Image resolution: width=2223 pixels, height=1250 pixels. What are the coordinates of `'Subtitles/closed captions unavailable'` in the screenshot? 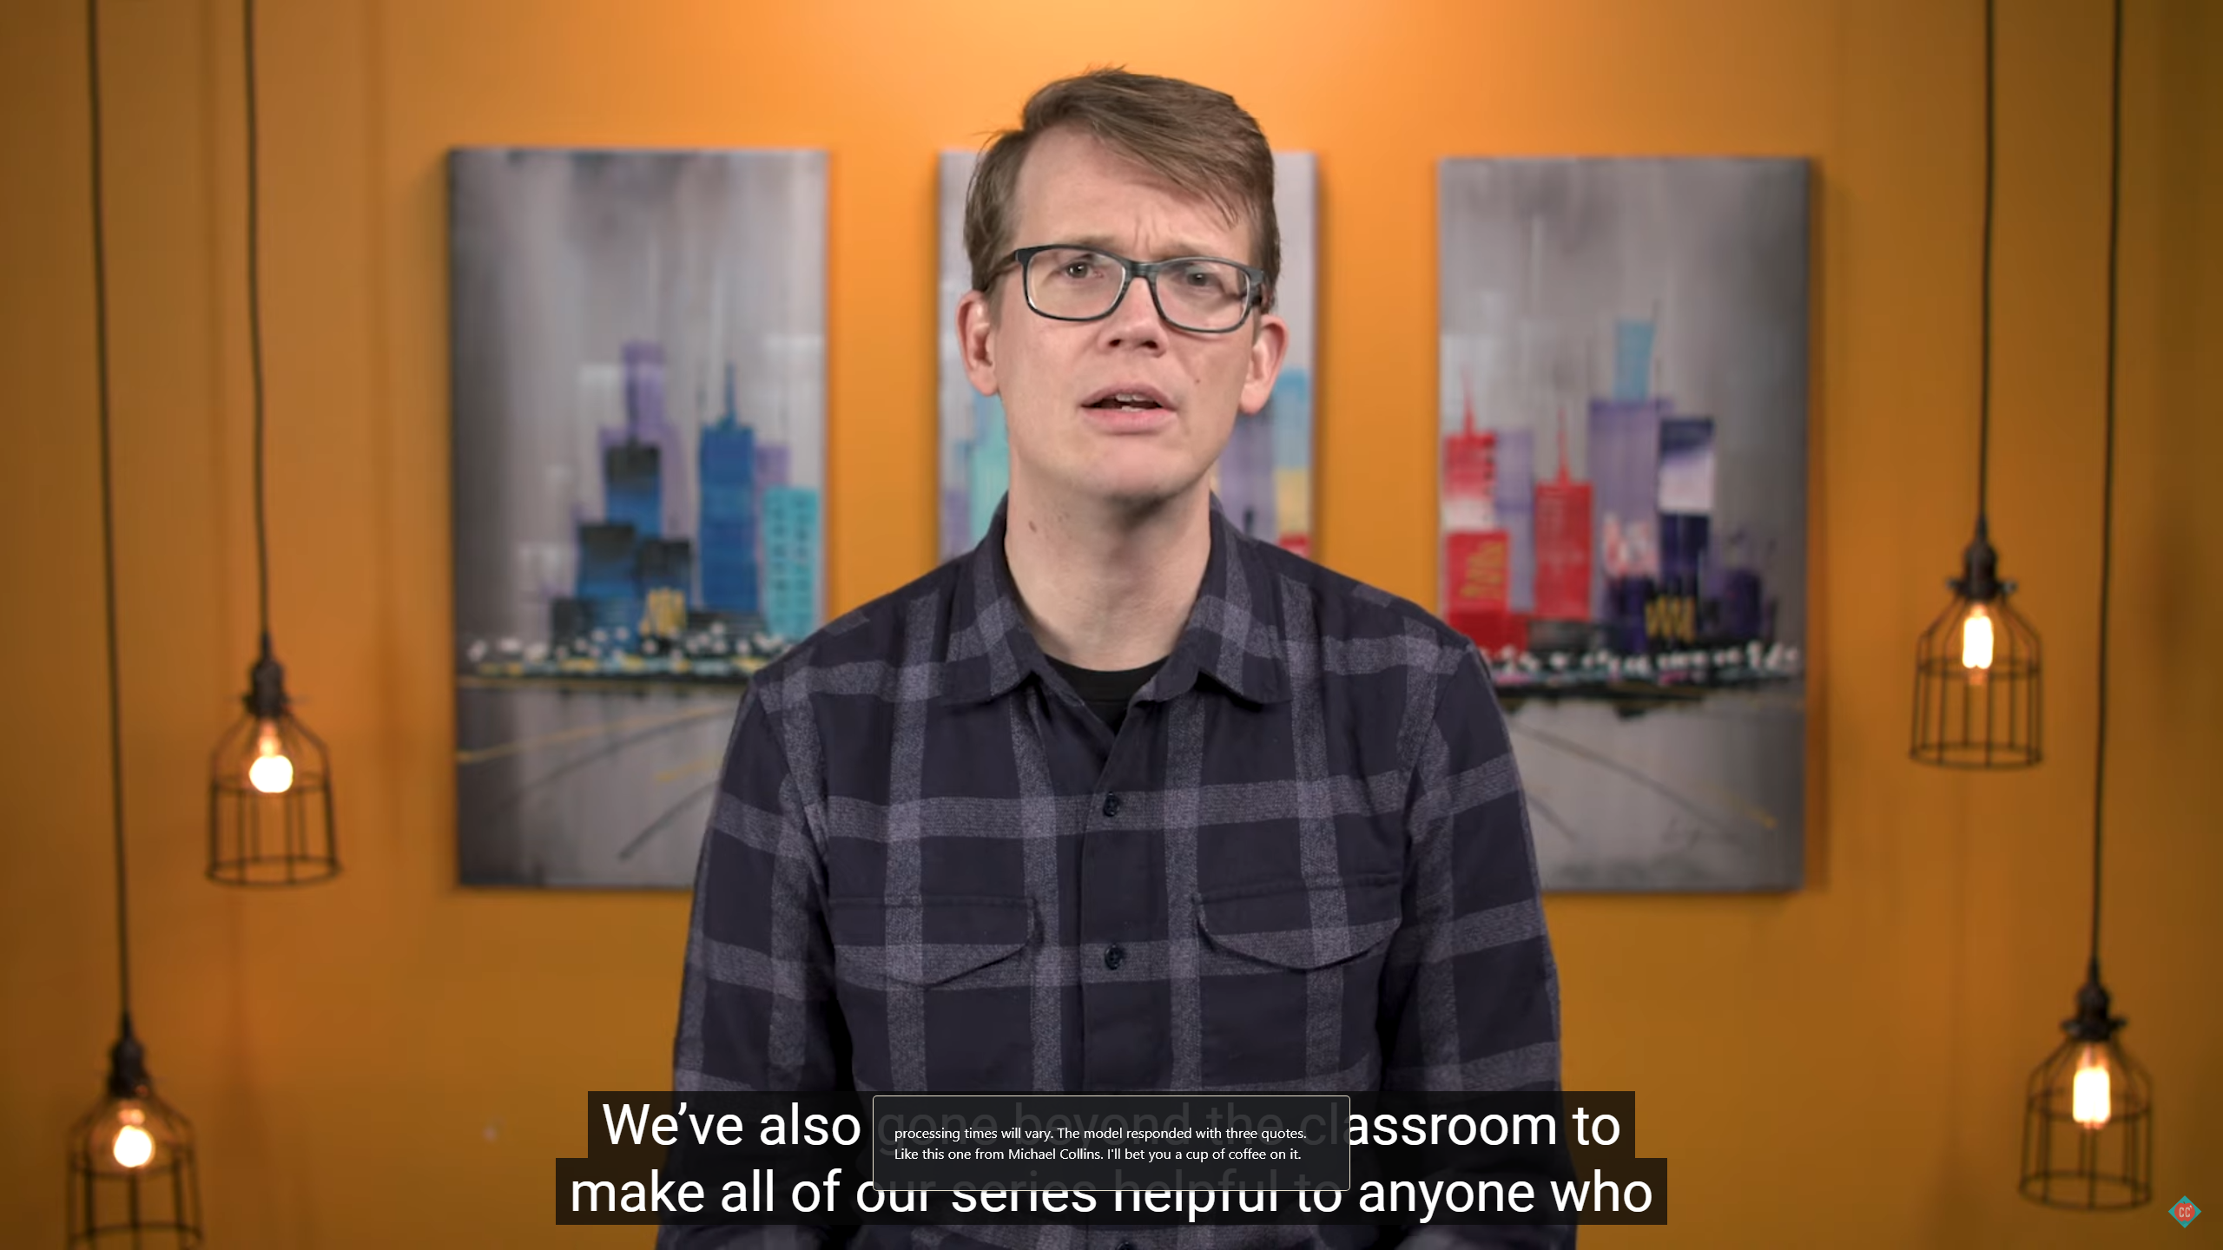 It's located at (2084, 1226).